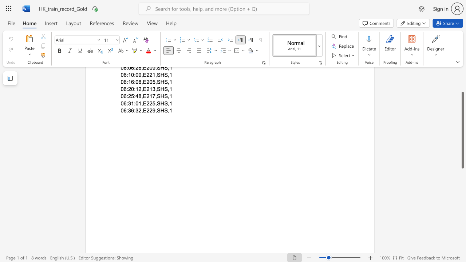 The width and height of the screenshot is (466, 262). What do you see at coordinates (462, 130) in the screenshot?
I see `the scrollbar and move up 60 pixels` at bounding box center [462, 130].